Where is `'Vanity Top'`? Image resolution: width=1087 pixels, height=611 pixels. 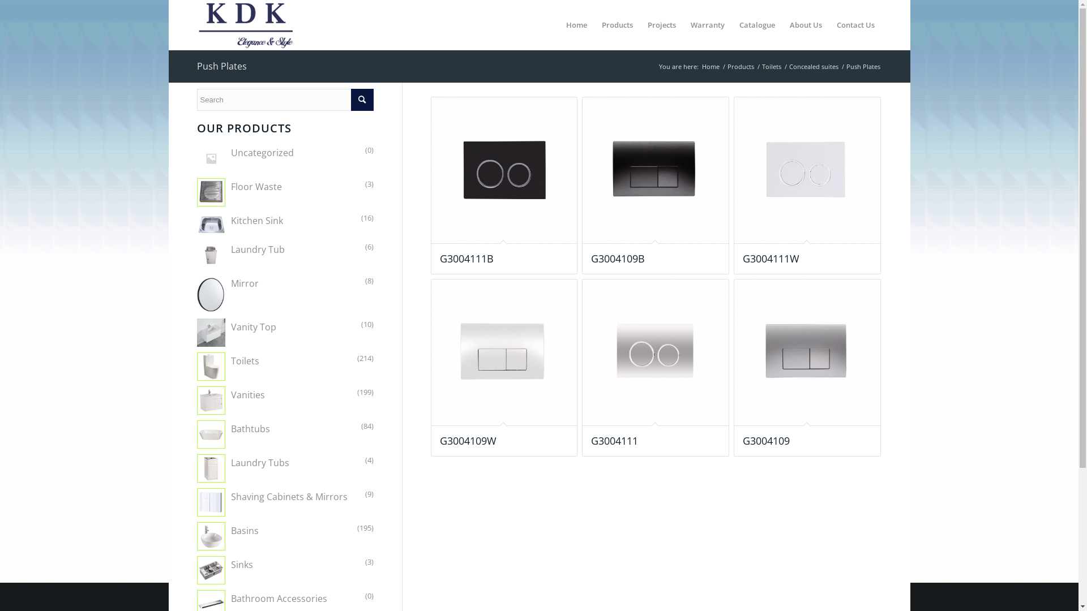
'Vanity Top' is located at coordinates (236, 332).